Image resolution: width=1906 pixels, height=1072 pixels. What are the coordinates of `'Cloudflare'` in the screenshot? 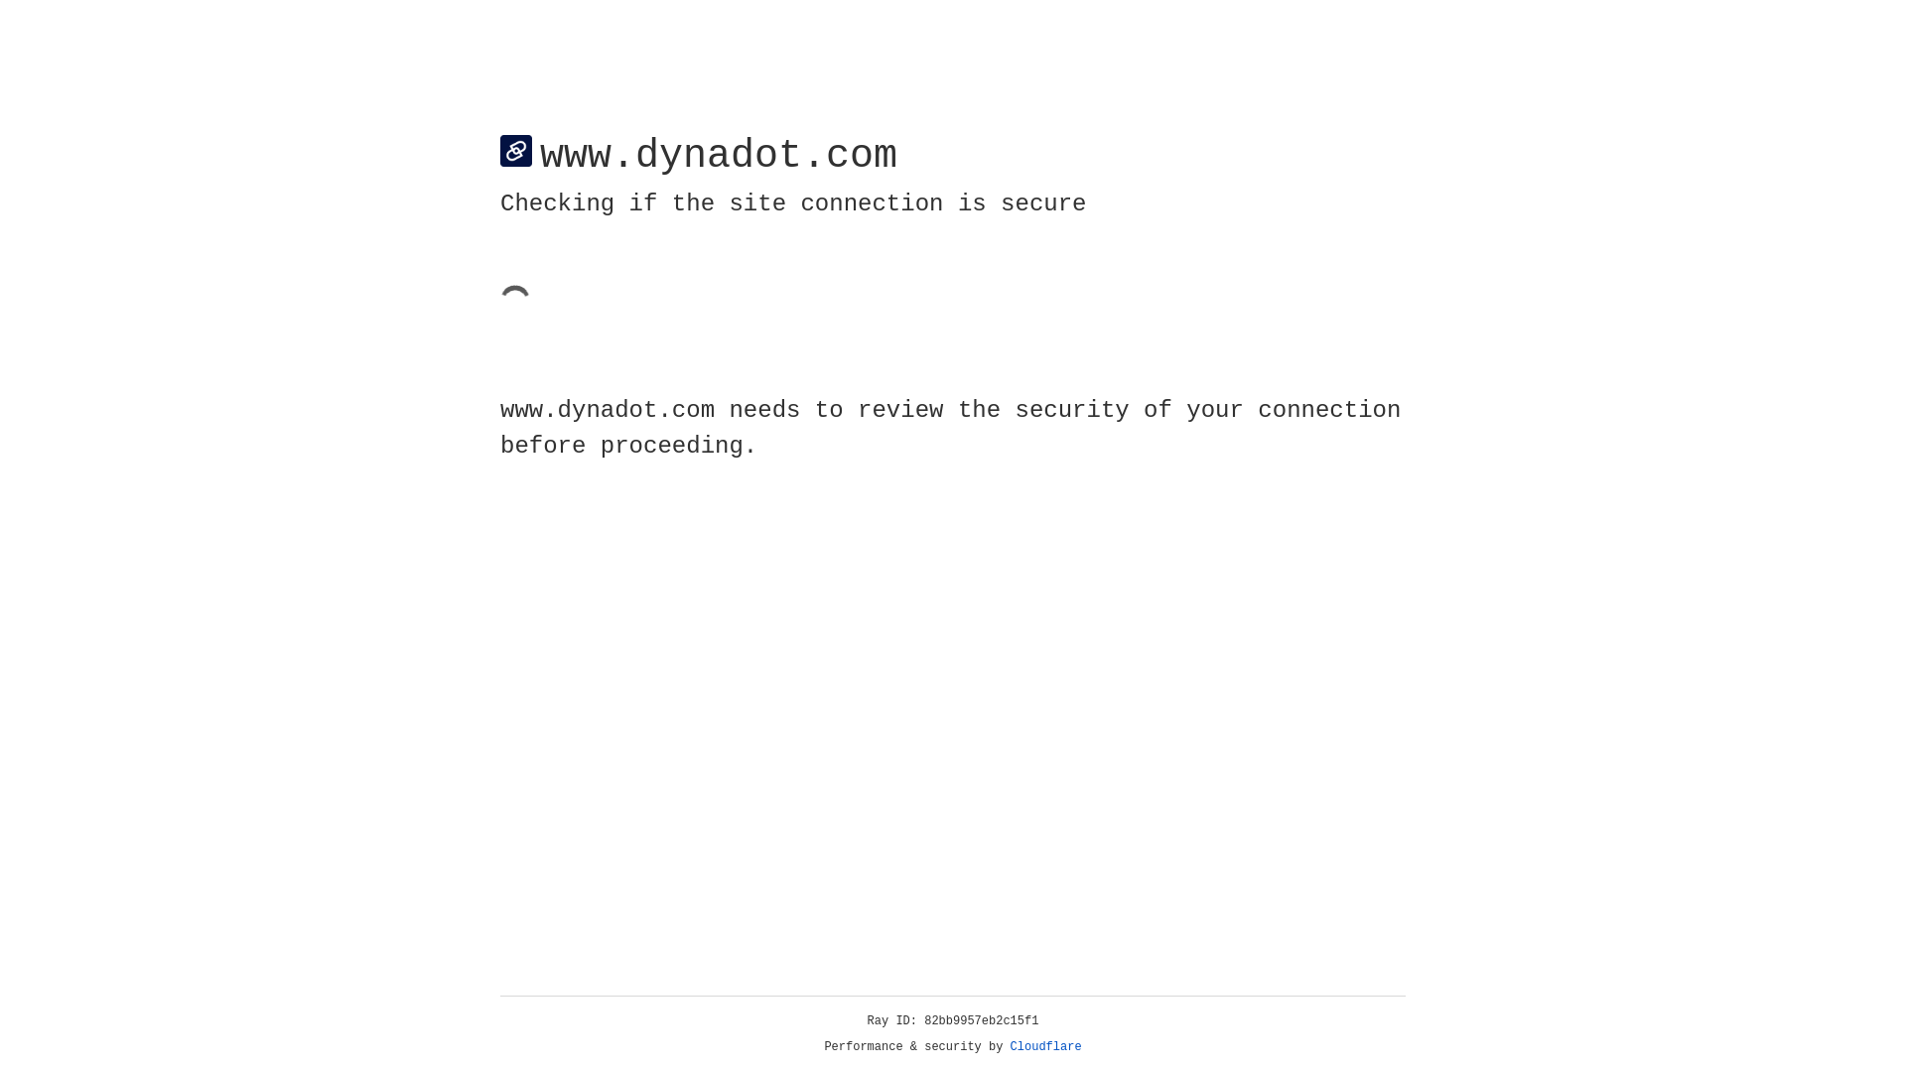 It's located at (1045, 1046).